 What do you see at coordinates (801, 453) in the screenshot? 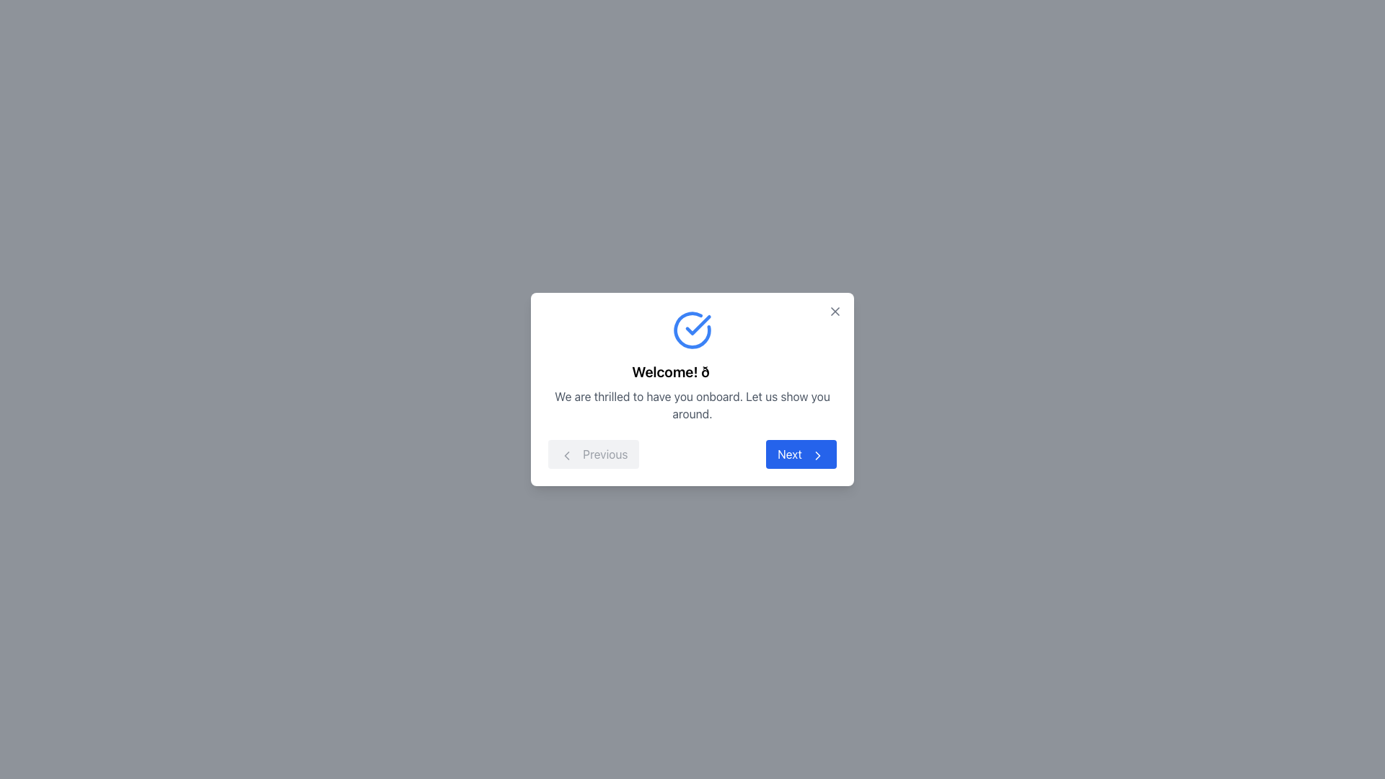
I see `the 'Next' button, which is a rectangular button with a blue background and rounded corners, displaying white text and a rightward arrow icon, located in the bottom right of a modal dialog box` at bounding box center [801, 453].